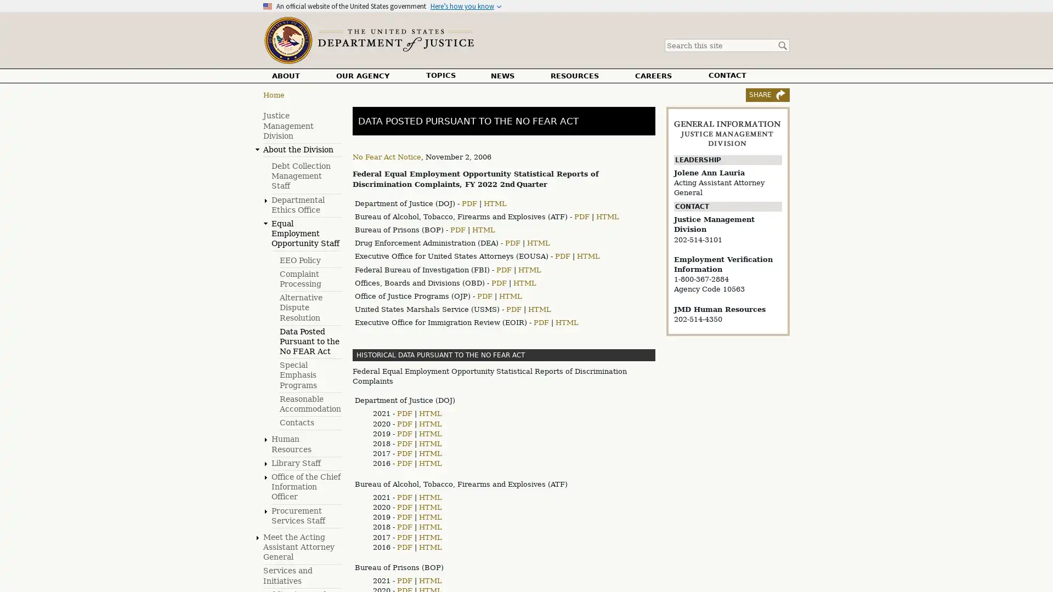 The height and width of the screenshot is (592, 1053). Describe the element at coordinates (782, 45) in the screenshot. I see `Search` at that location.